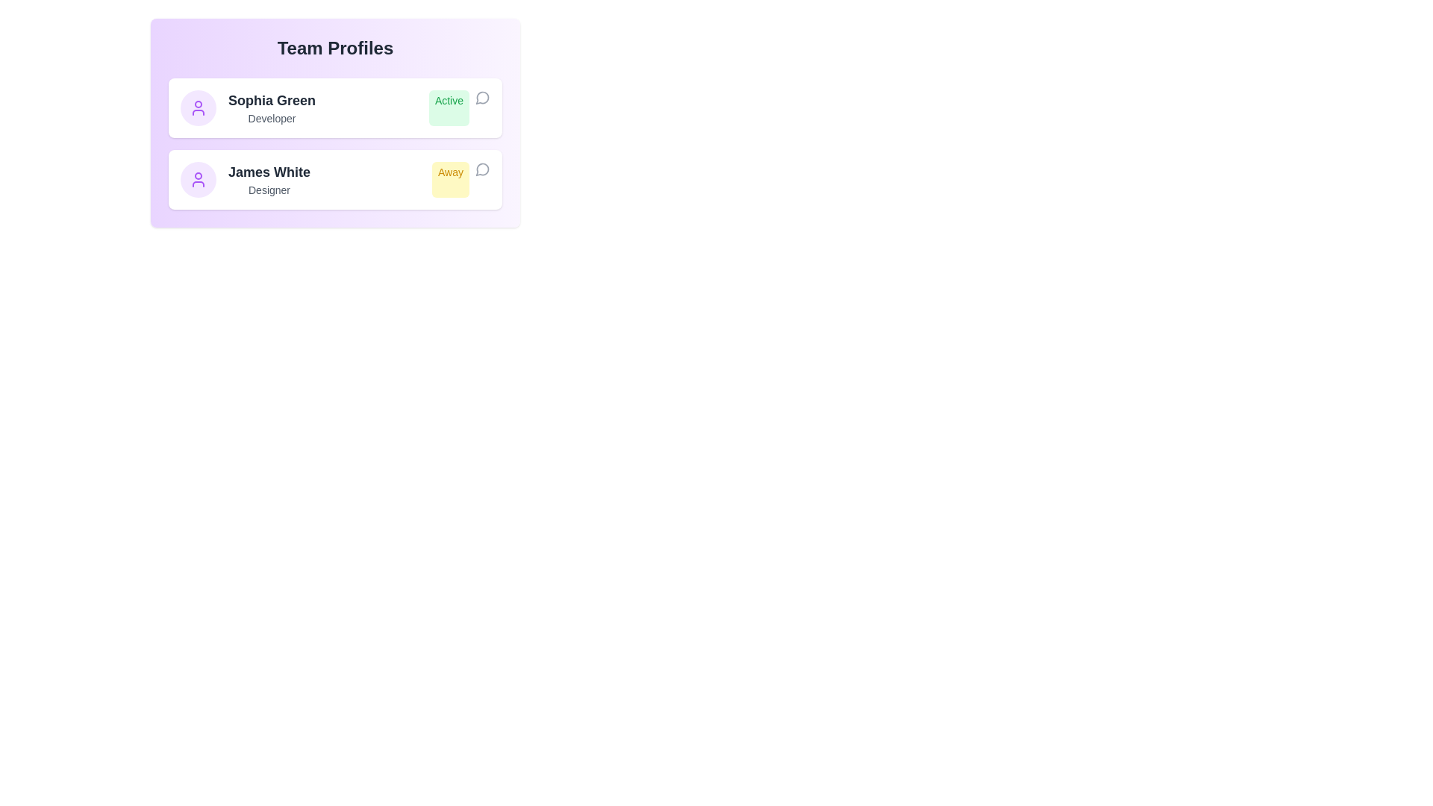 The width and height of the screenshot is (1433, 806). I want to click on the messaging icon located to the right of the 'Away' label for 'James White' in the team profiles list to initiate a message action, so click(483, 169).